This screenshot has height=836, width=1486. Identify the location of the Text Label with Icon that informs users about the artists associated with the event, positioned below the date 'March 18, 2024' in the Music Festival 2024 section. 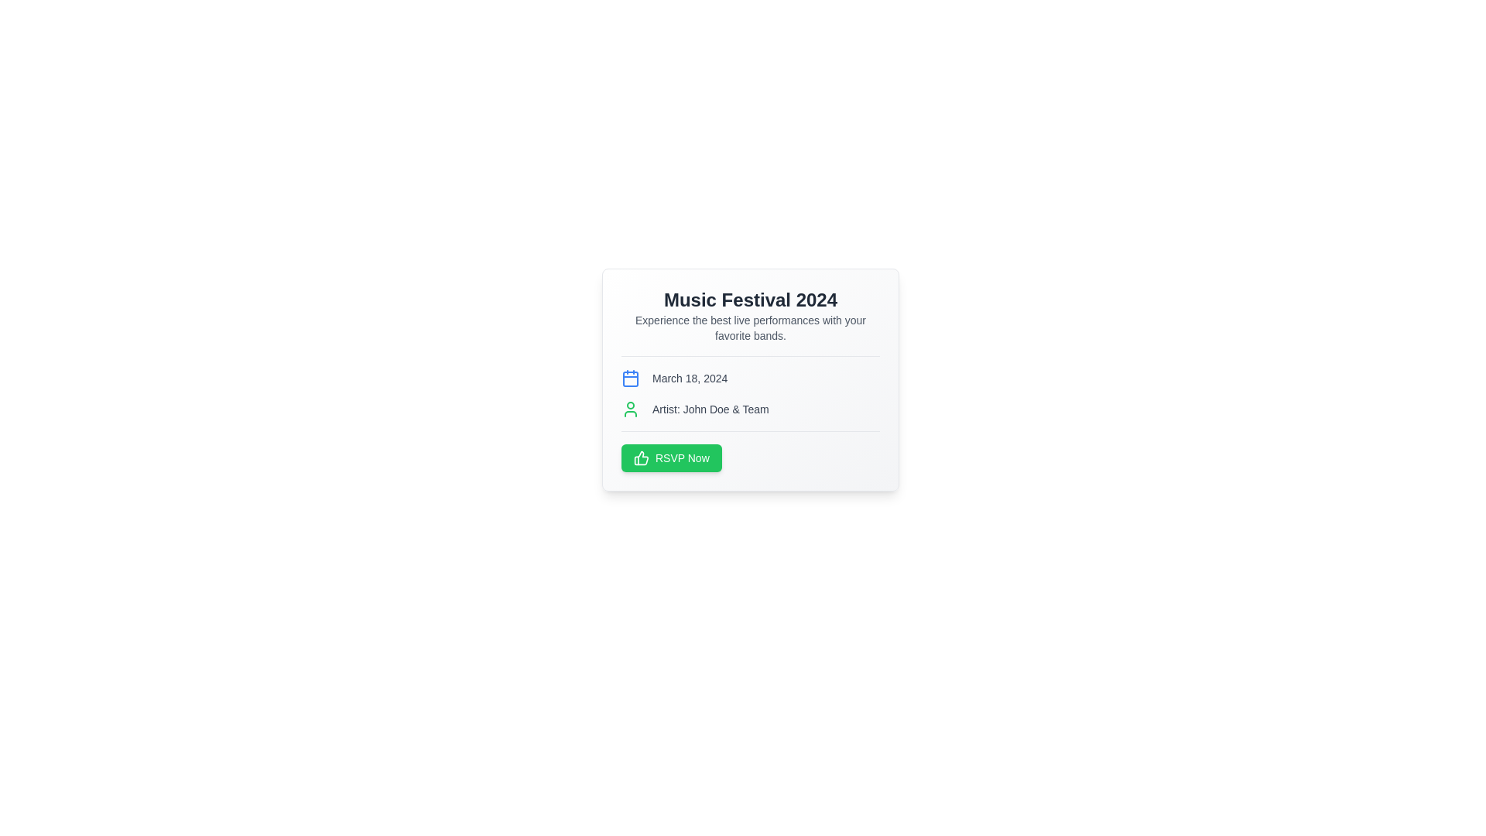
(750, 408).